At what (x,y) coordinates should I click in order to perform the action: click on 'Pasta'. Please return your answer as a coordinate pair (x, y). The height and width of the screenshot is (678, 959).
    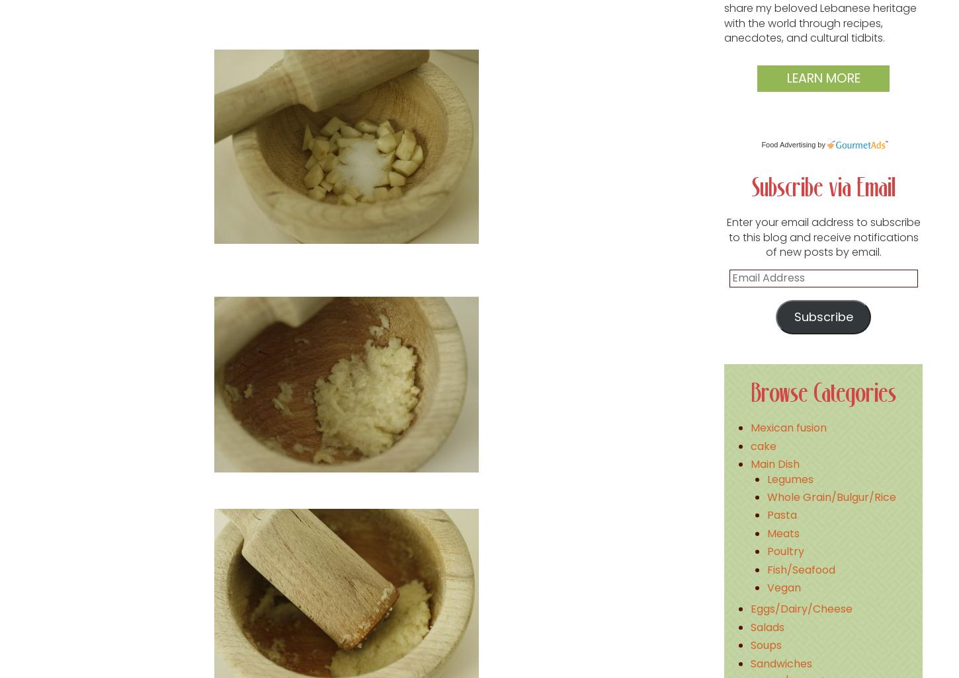
    Looking at the image, I should click on (781, 514).